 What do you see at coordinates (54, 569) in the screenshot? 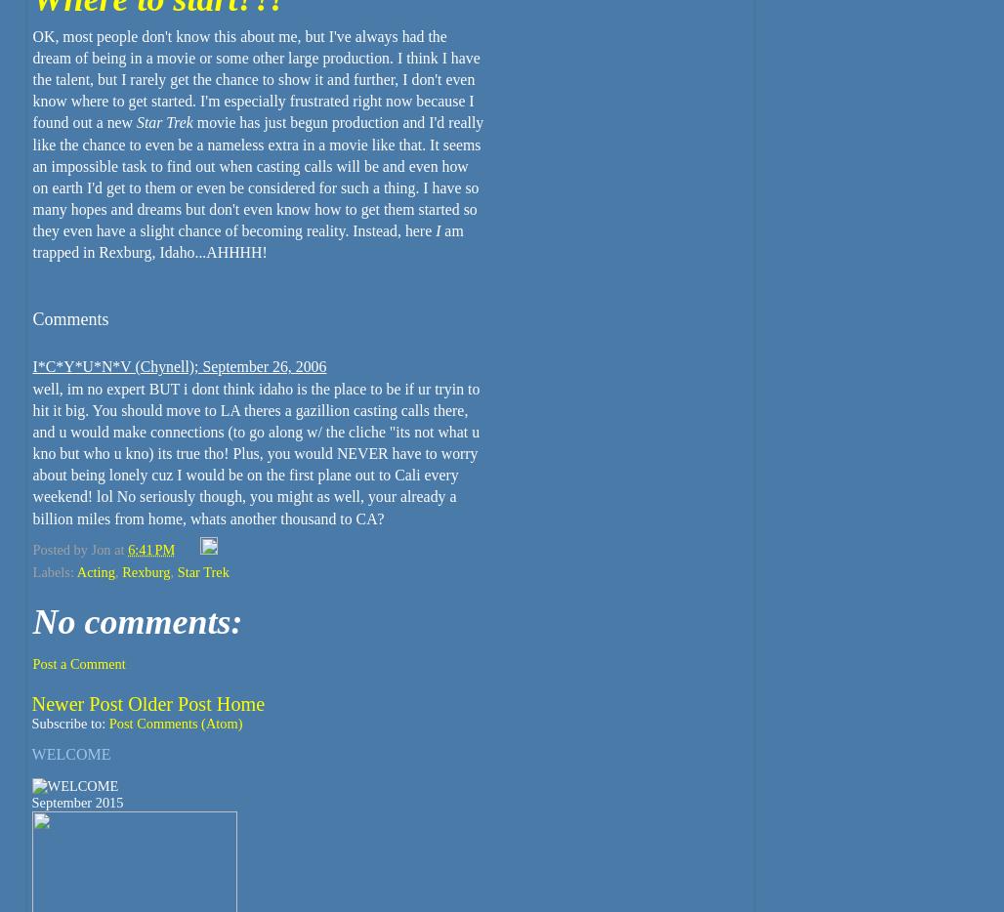
I see `'Labels:'` at bounding box center [54, 569].